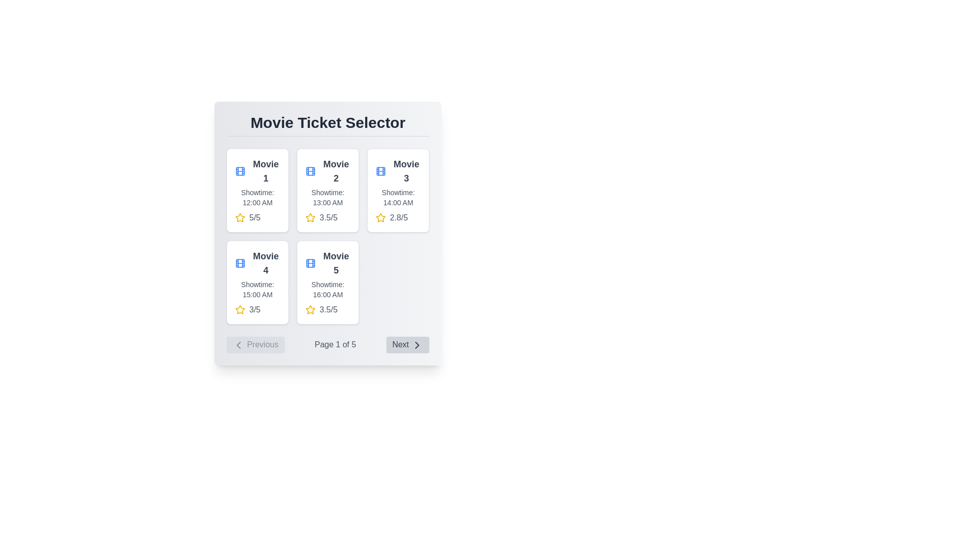 Image resolution: width=971 pixels, height=546 pixels. I want to click on the chevron icon within the 'Previous' button for accessibility actions, located at the bottom-left corner of the interface, so click(238, 344).